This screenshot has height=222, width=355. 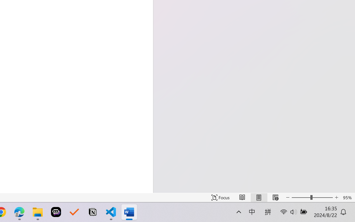 What do you see at coordinates (347, 197) in the screenshot?
I see `'Zoom 95%'` at bounding box center [347, 197].